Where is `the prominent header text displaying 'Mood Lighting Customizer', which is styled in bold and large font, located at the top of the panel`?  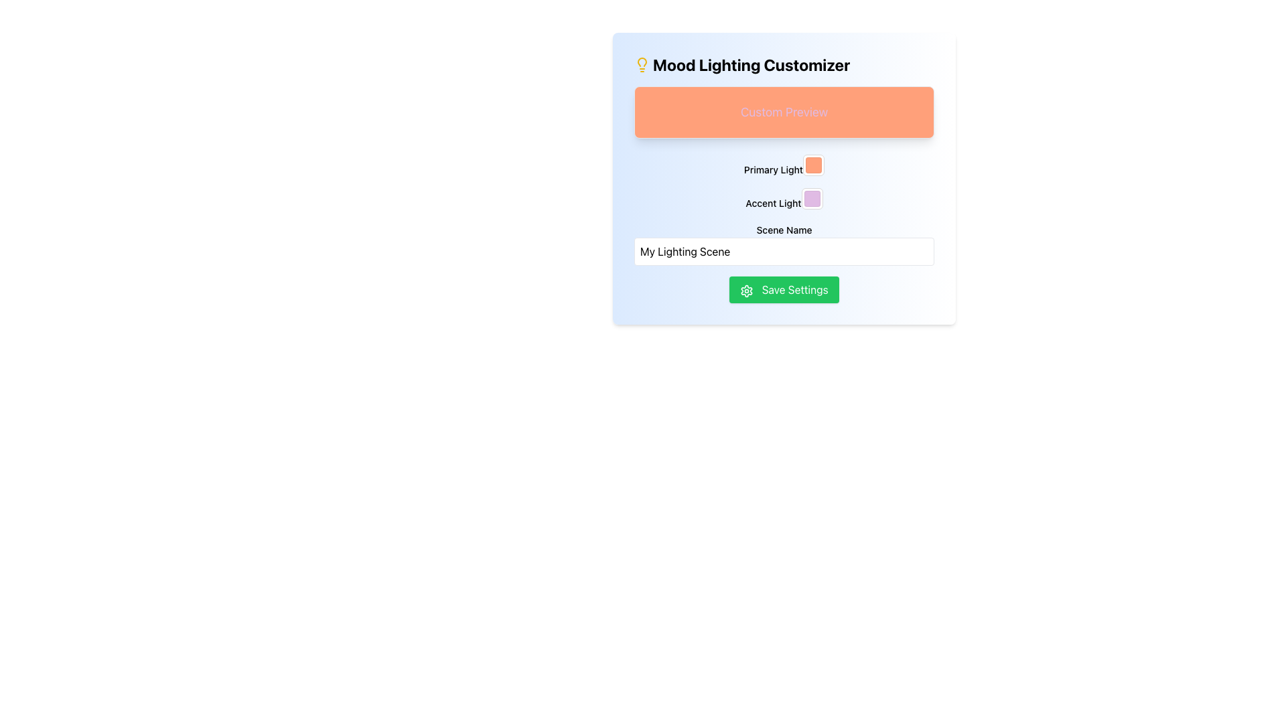 the prominent header text displaying 'Mood Lighting Customizer', which is styled in bold and large font, located at the top of the panel is located at coordinates (784, 64).